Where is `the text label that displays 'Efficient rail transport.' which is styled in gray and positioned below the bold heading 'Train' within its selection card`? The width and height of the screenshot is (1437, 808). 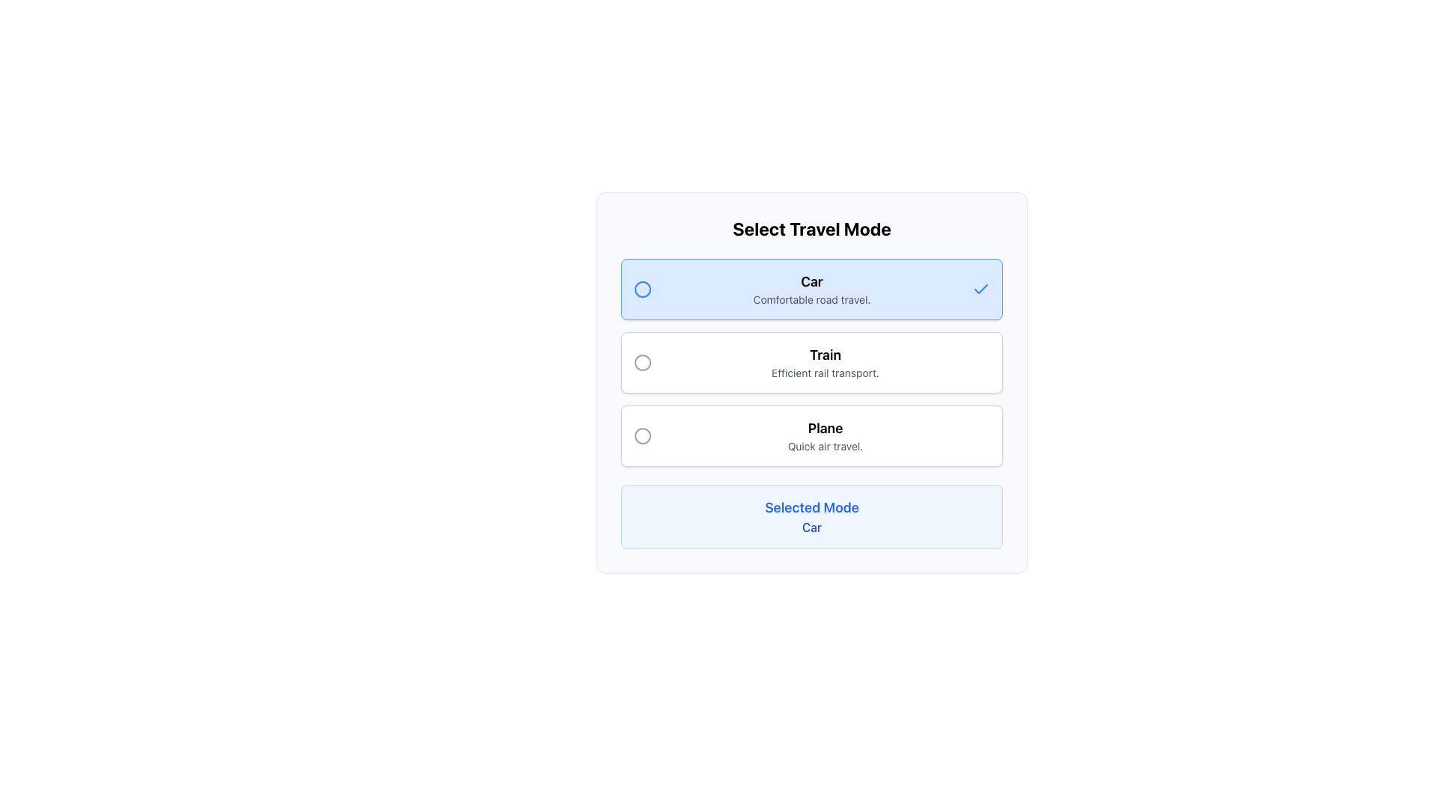 the text label that displays 'Efficient rail transport.' which is styled in gray and positioned below the bold heading 'Train' within its selection card is located at coordinates (825, 372).